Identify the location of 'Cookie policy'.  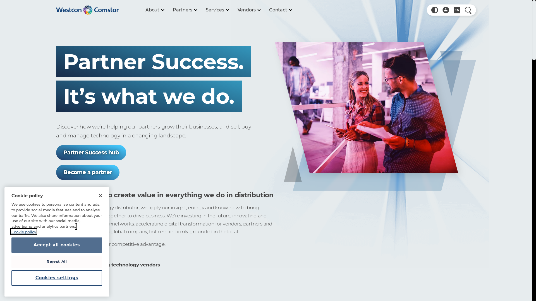
(43, 234).